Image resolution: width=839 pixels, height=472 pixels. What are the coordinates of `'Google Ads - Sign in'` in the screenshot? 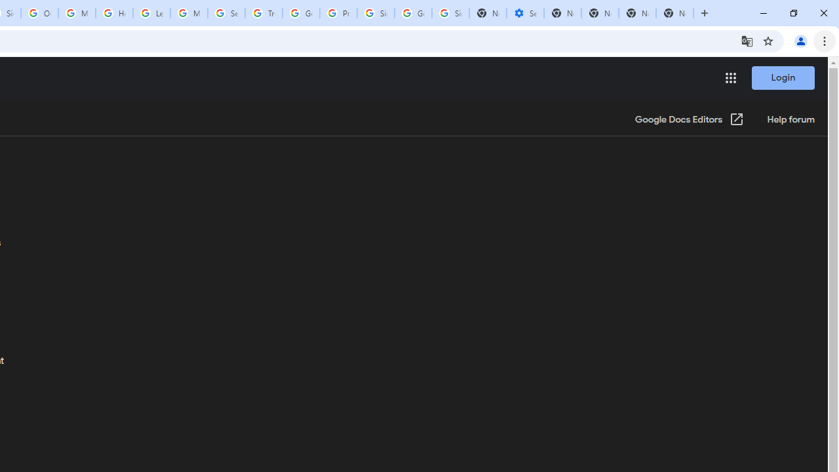 It's located at (300, 13).